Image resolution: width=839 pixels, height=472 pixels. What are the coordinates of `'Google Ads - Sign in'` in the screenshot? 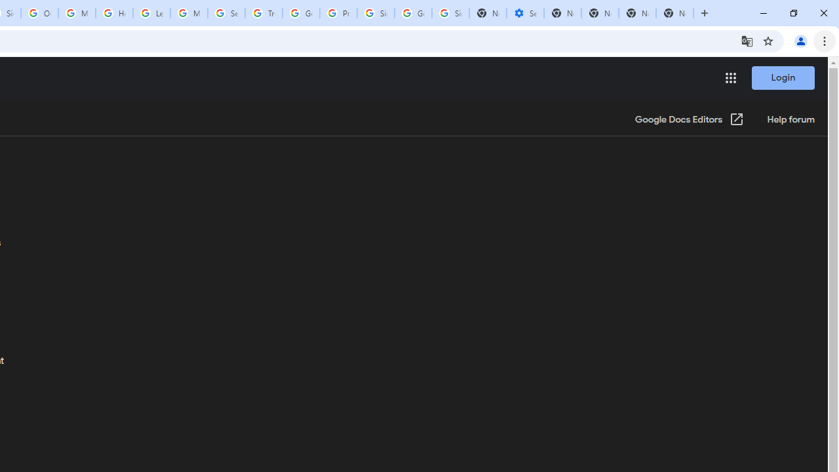 It's located at (300, 13).